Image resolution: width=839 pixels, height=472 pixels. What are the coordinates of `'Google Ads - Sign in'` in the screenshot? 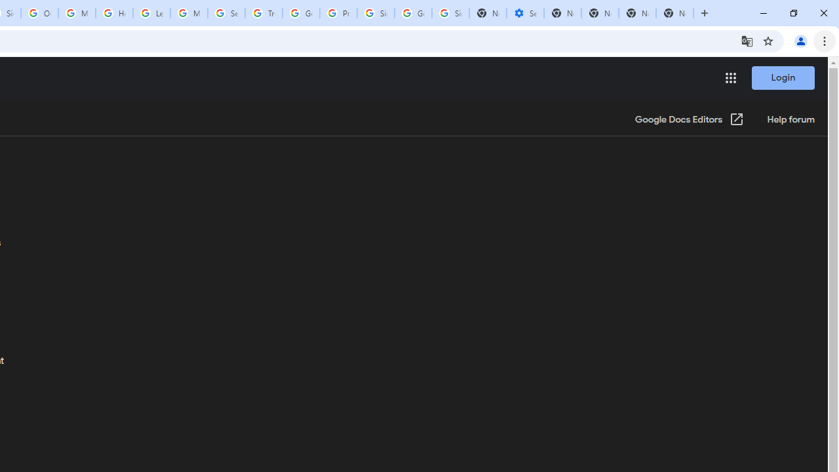 It's located at (300, 13).